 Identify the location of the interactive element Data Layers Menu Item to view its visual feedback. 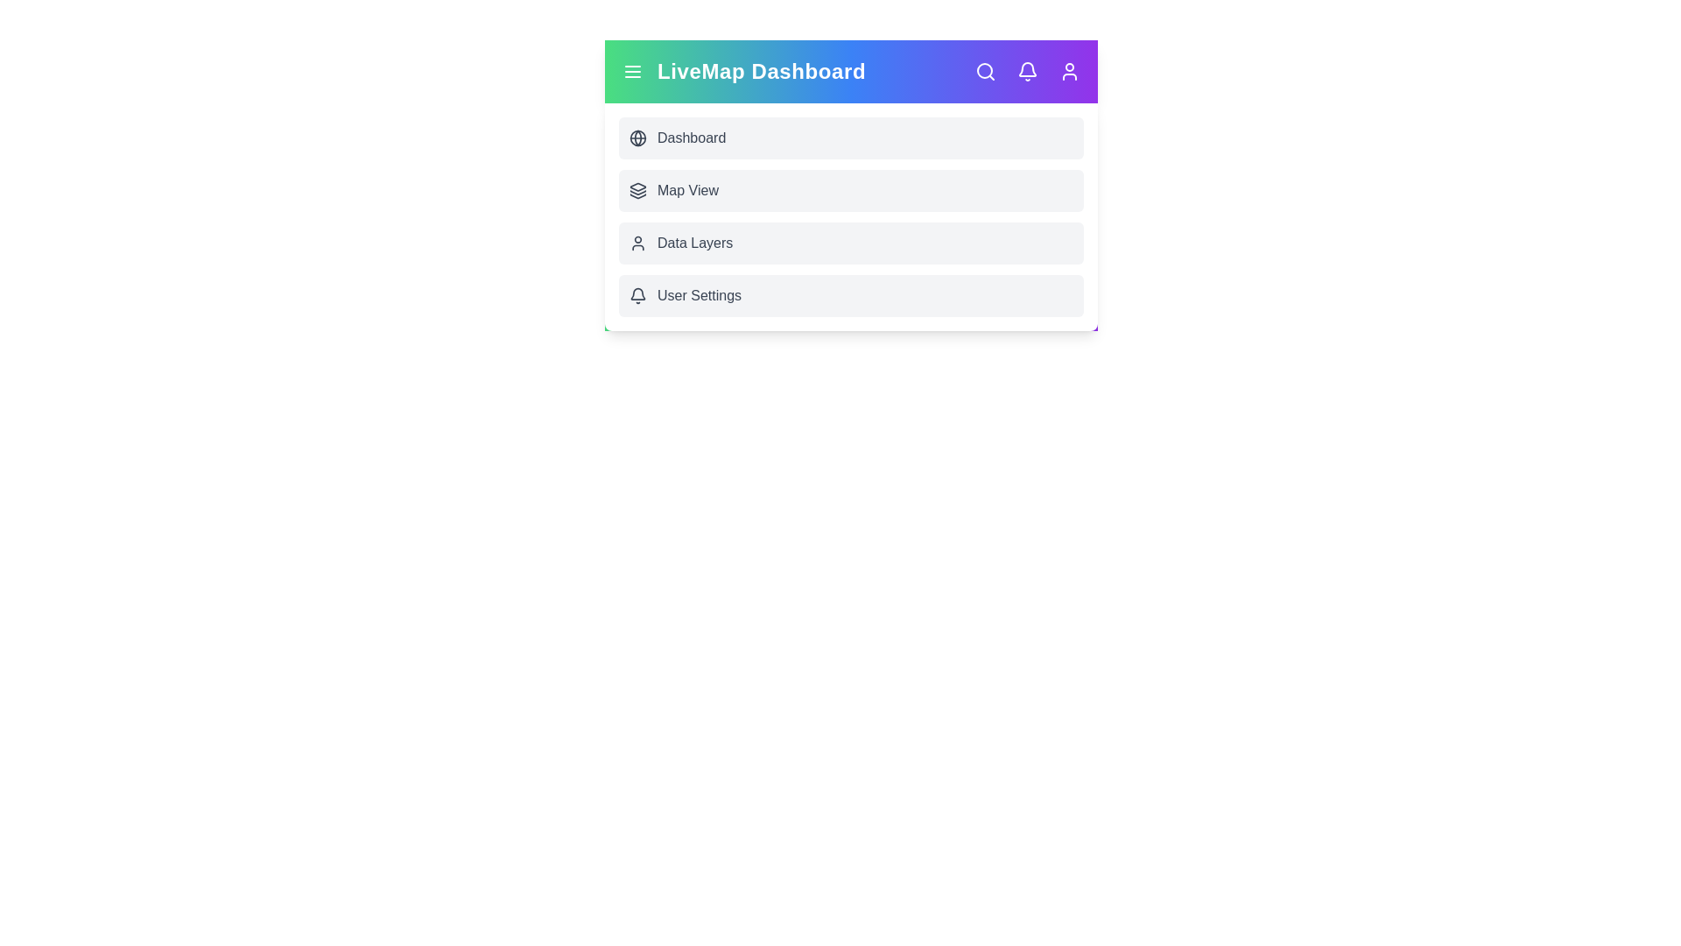
(851, 243).